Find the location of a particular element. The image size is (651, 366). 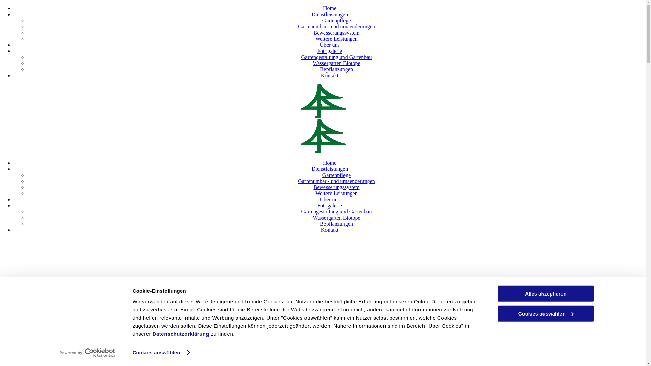

'Gartenumbau- und umaenderungen' is located at coordinates (298, 181).